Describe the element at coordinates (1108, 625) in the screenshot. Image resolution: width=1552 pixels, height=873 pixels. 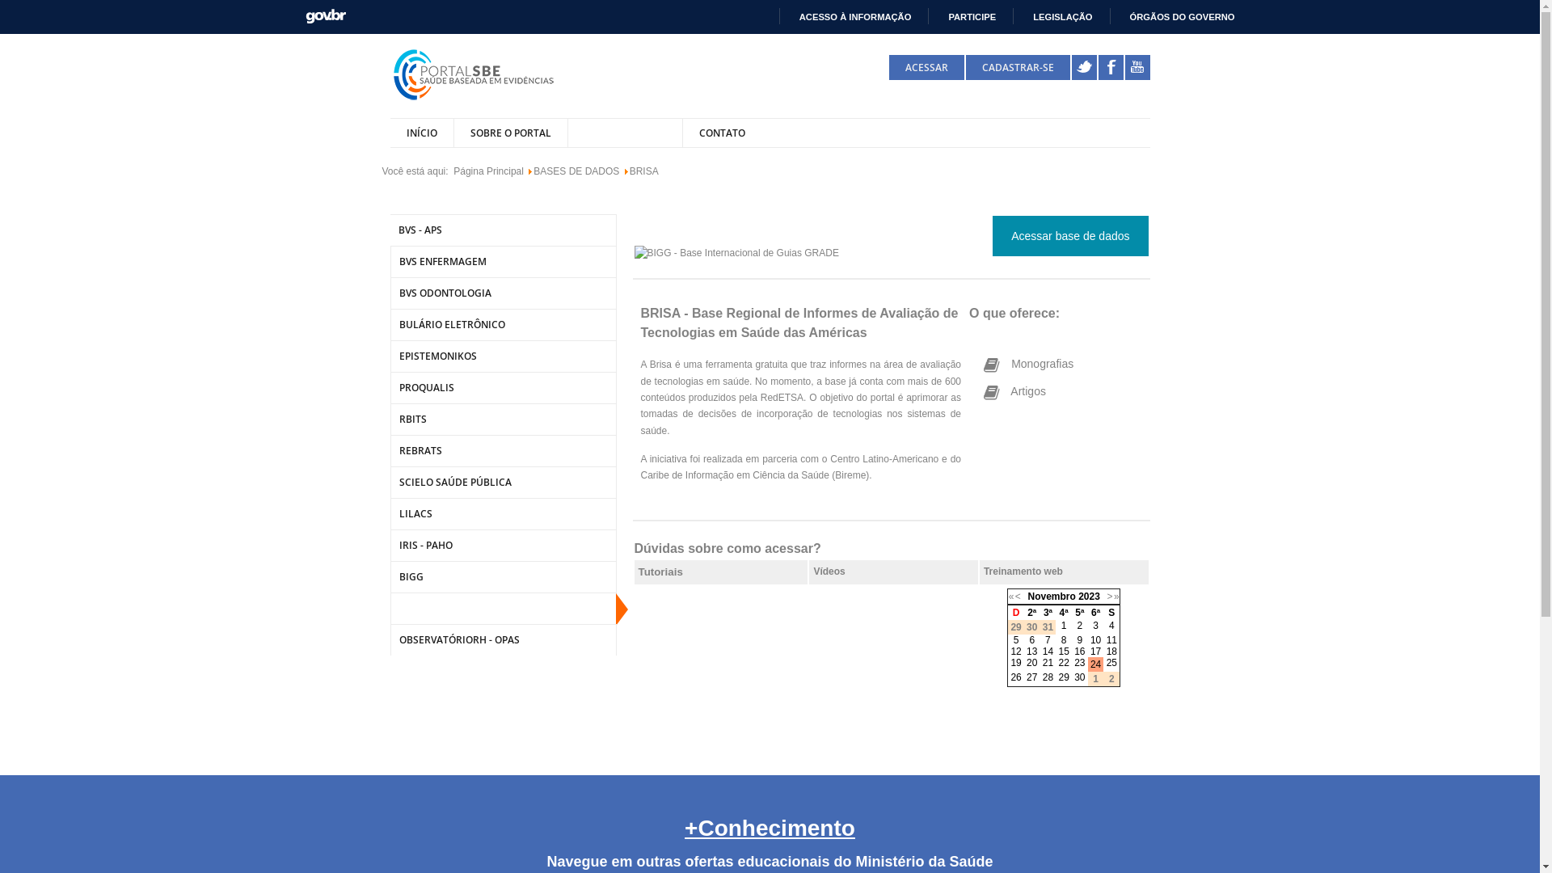
I see `'4'` at that location.